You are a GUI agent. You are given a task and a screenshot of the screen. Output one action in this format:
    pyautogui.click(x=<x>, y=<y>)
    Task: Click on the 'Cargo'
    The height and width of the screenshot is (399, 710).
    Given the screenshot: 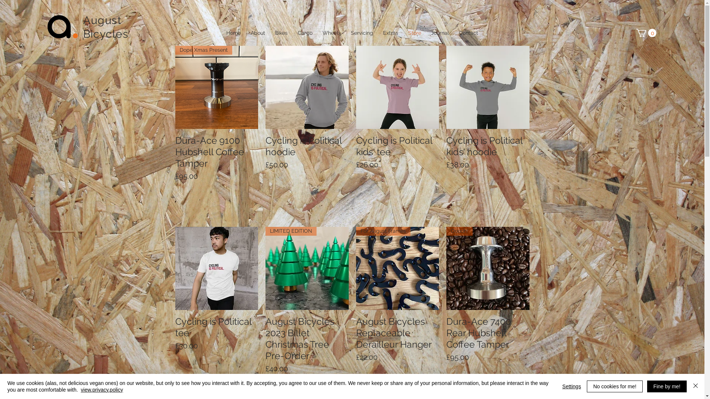 What is the action you would take?
    pyautogui.click(x=305, y=32)
    